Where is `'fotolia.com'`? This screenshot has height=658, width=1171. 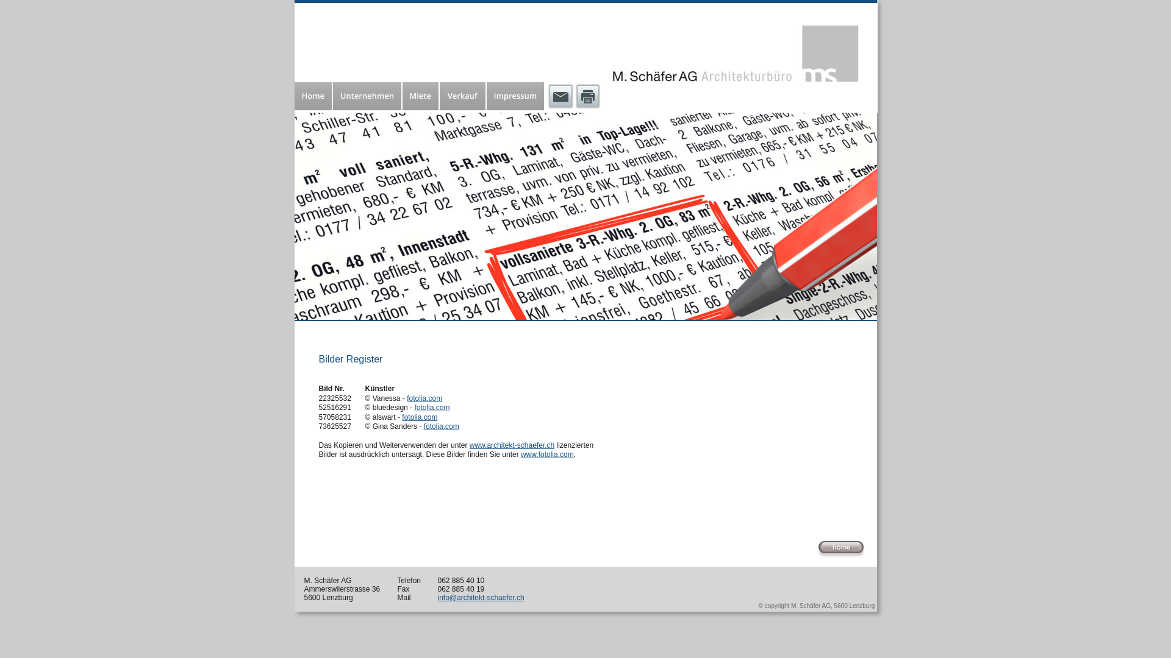
'fotolia.com' is located at coordinates (432, 407).